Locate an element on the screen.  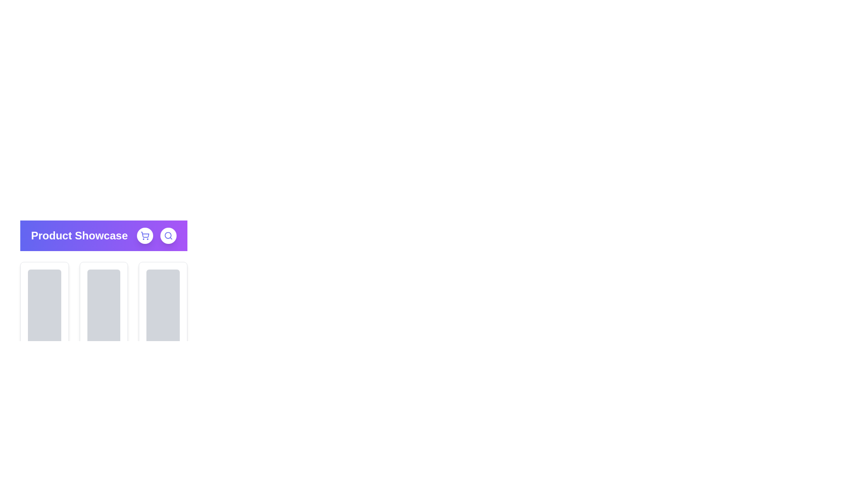
the rectangular gray area with rounded corners styled as an image placeholder, located in the third column of the product list, above 'Product 3' and the 'Details' button is located at coordinates (163, 312).